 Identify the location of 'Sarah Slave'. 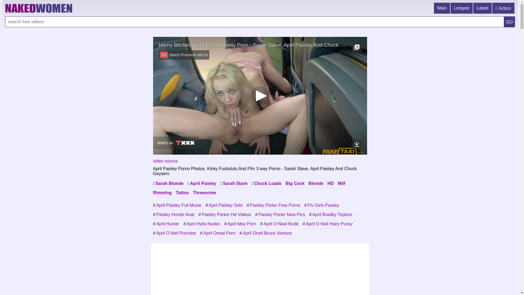
(234, 183).